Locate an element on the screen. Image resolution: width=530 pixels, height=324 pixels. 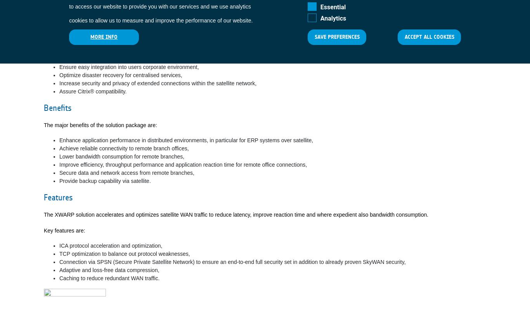
'Save preferences' is located at coordinates (337, 37).